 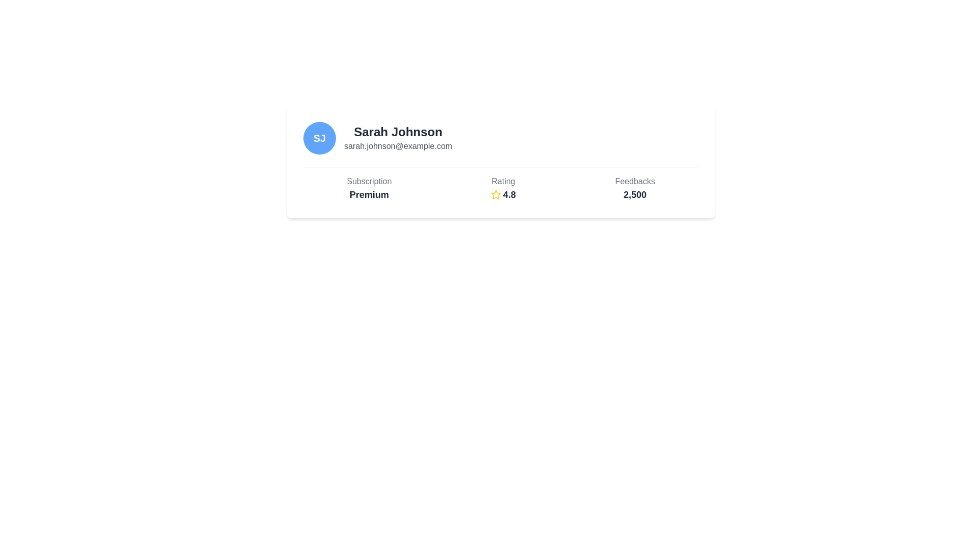 I want to click on value displayed in the Text Display element, which shows 'Feedbacks' and the number '2,500' in a bolder font, so click(x=634, y=189).